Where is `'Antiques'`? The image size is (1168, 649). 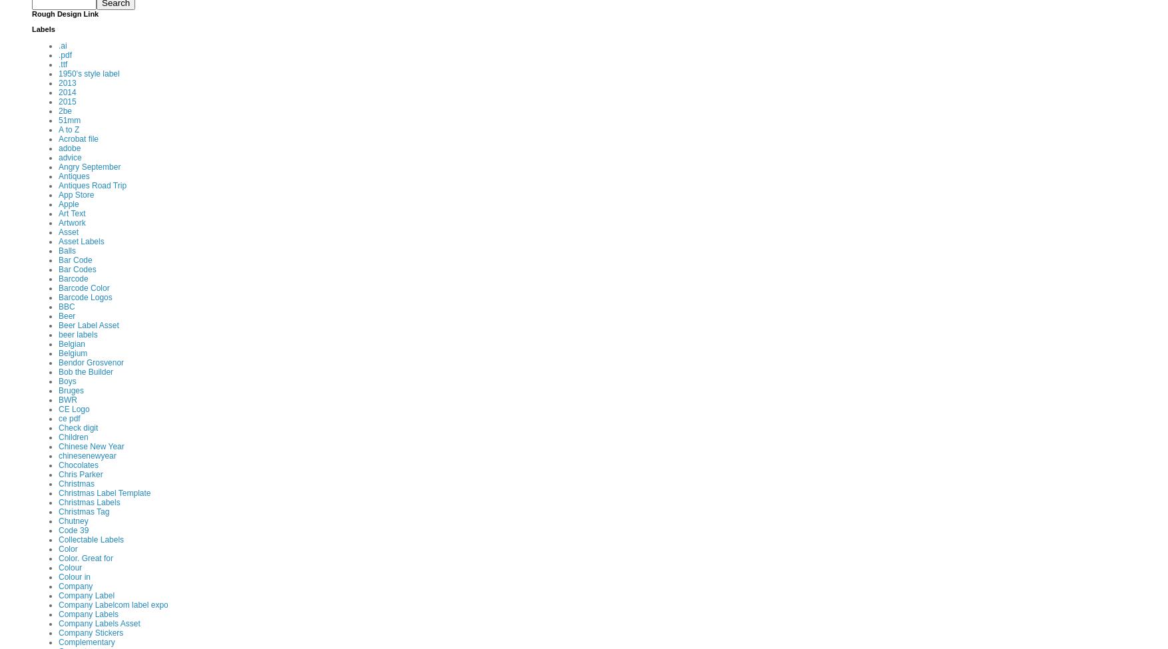 'Antiques' is located at coordinates (73, 176).